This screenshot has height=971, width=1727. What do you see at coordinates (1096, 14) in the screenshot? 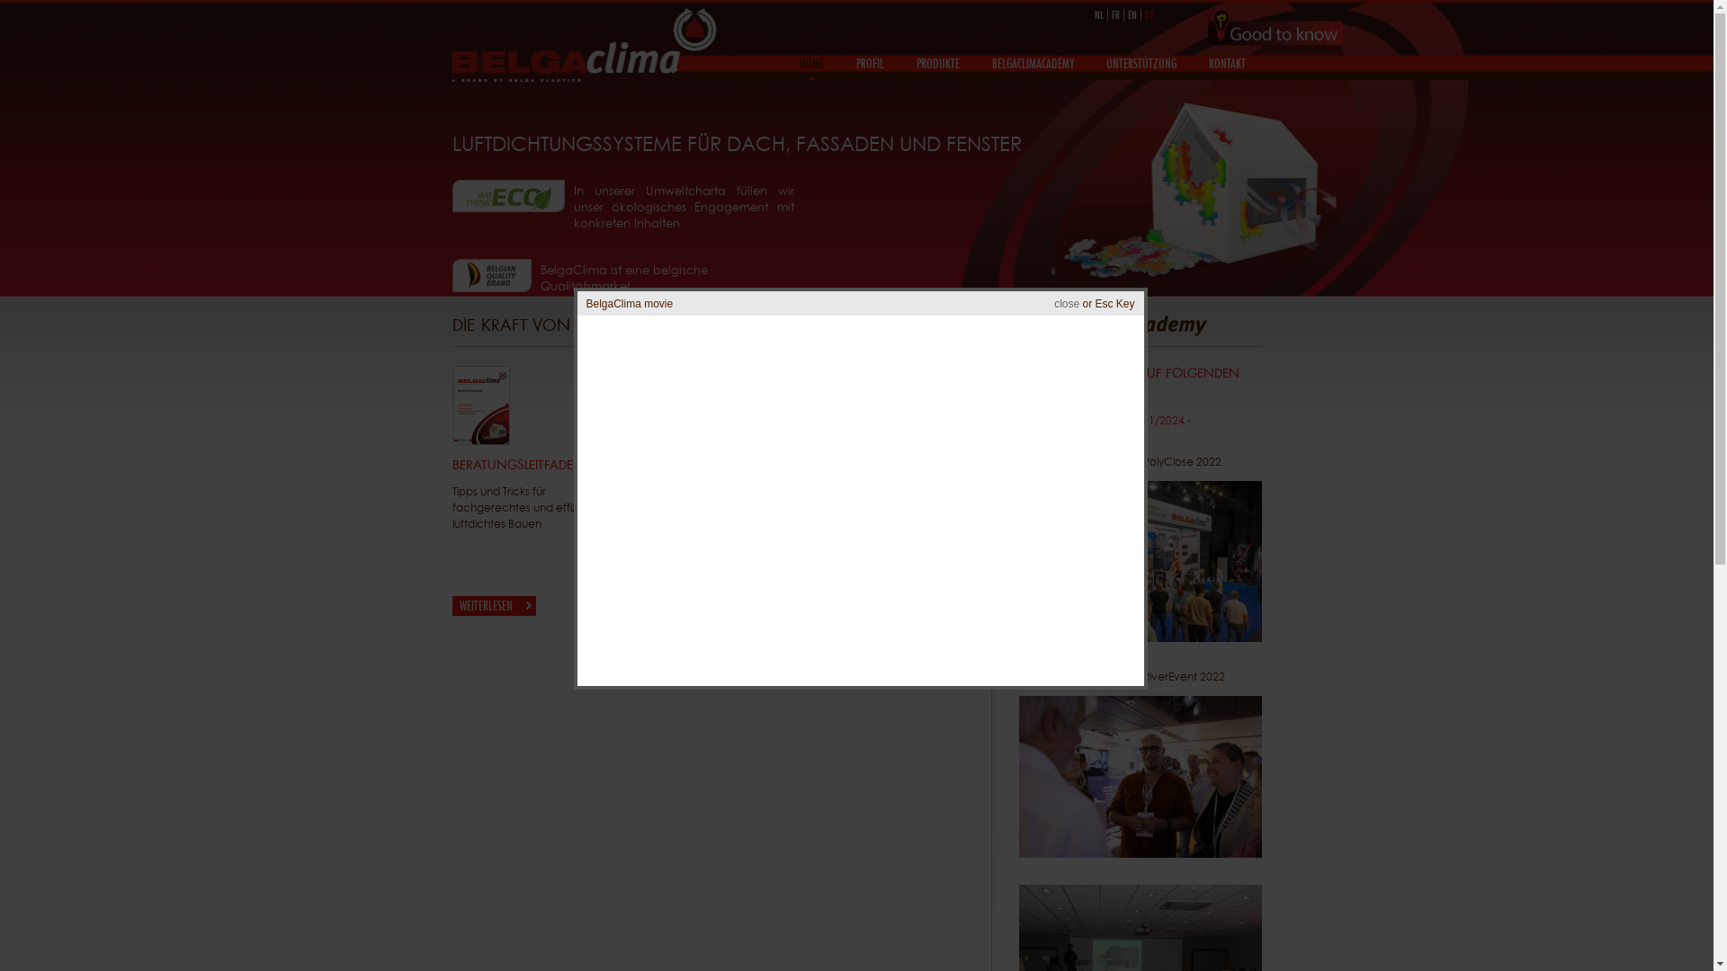
I see `'NL'` at bounding box center [1096, 14].